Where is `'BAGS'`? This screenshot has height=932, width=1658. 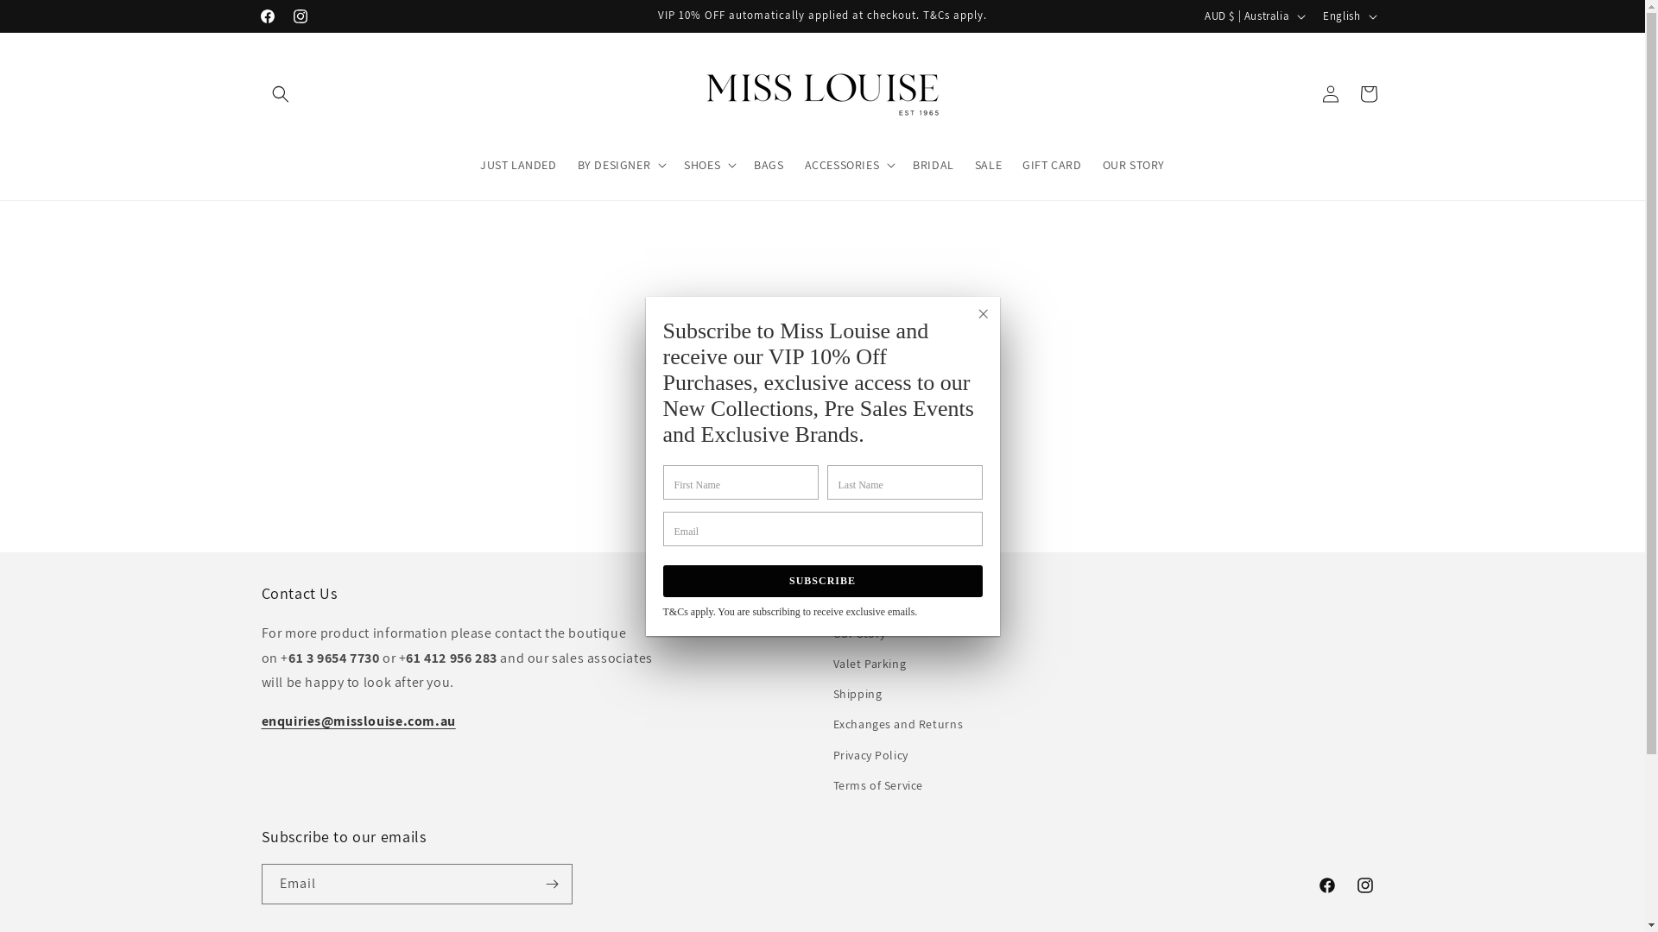 'BAGS' is located at coordinates (767, 165).